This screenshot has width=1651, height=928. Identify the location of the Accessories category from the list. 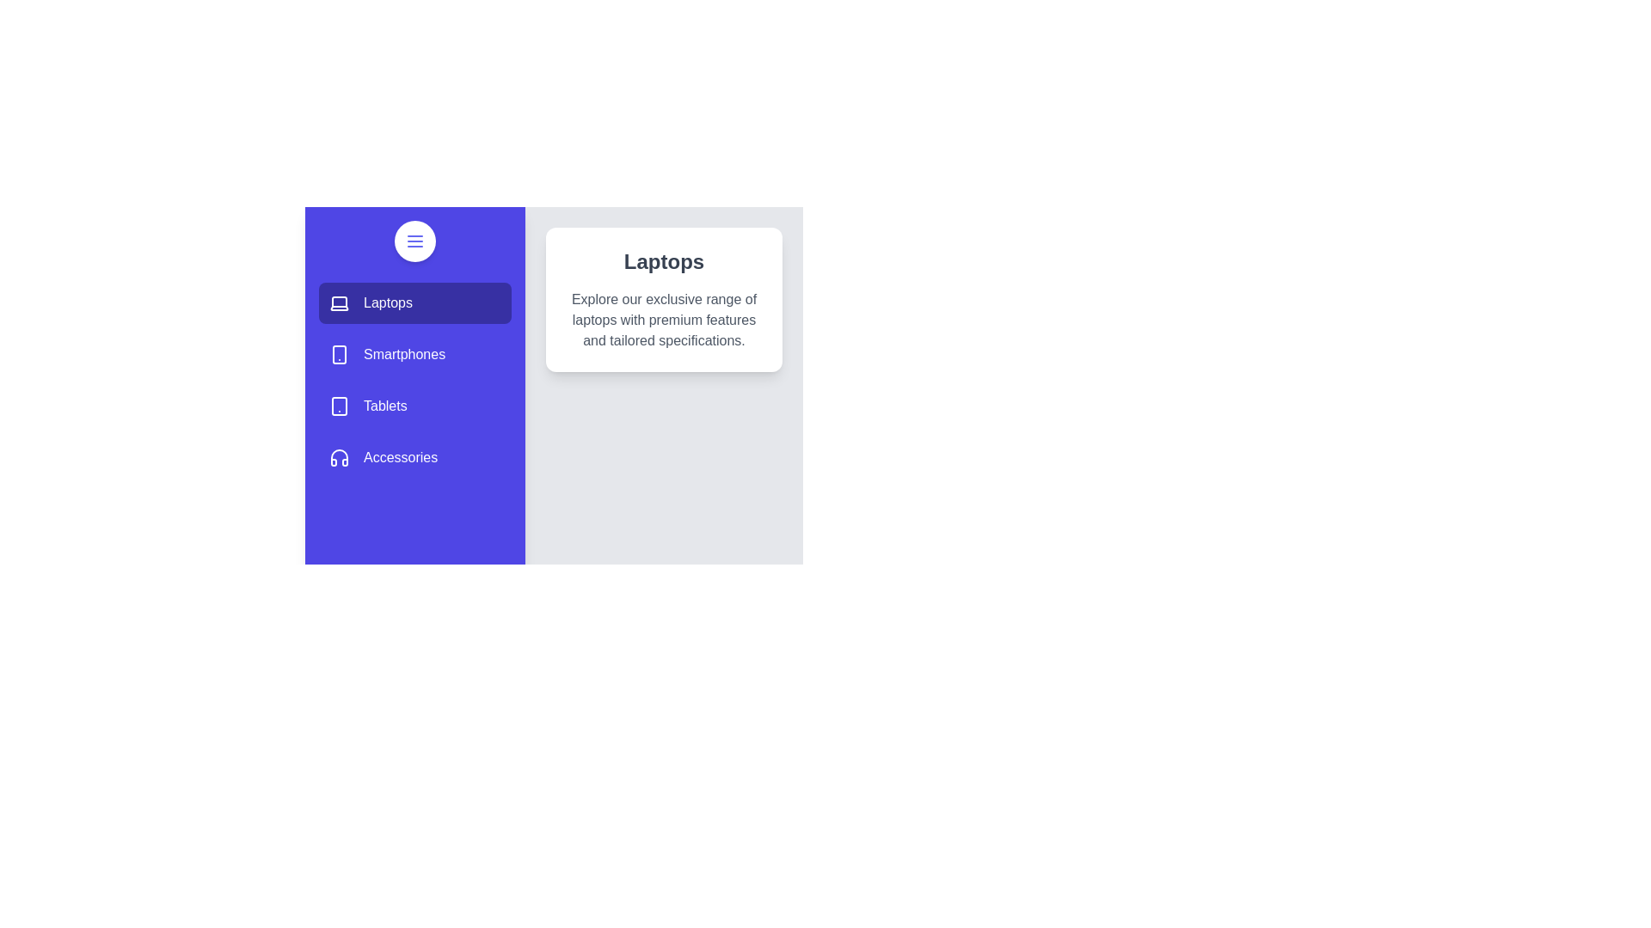
(415, 456).